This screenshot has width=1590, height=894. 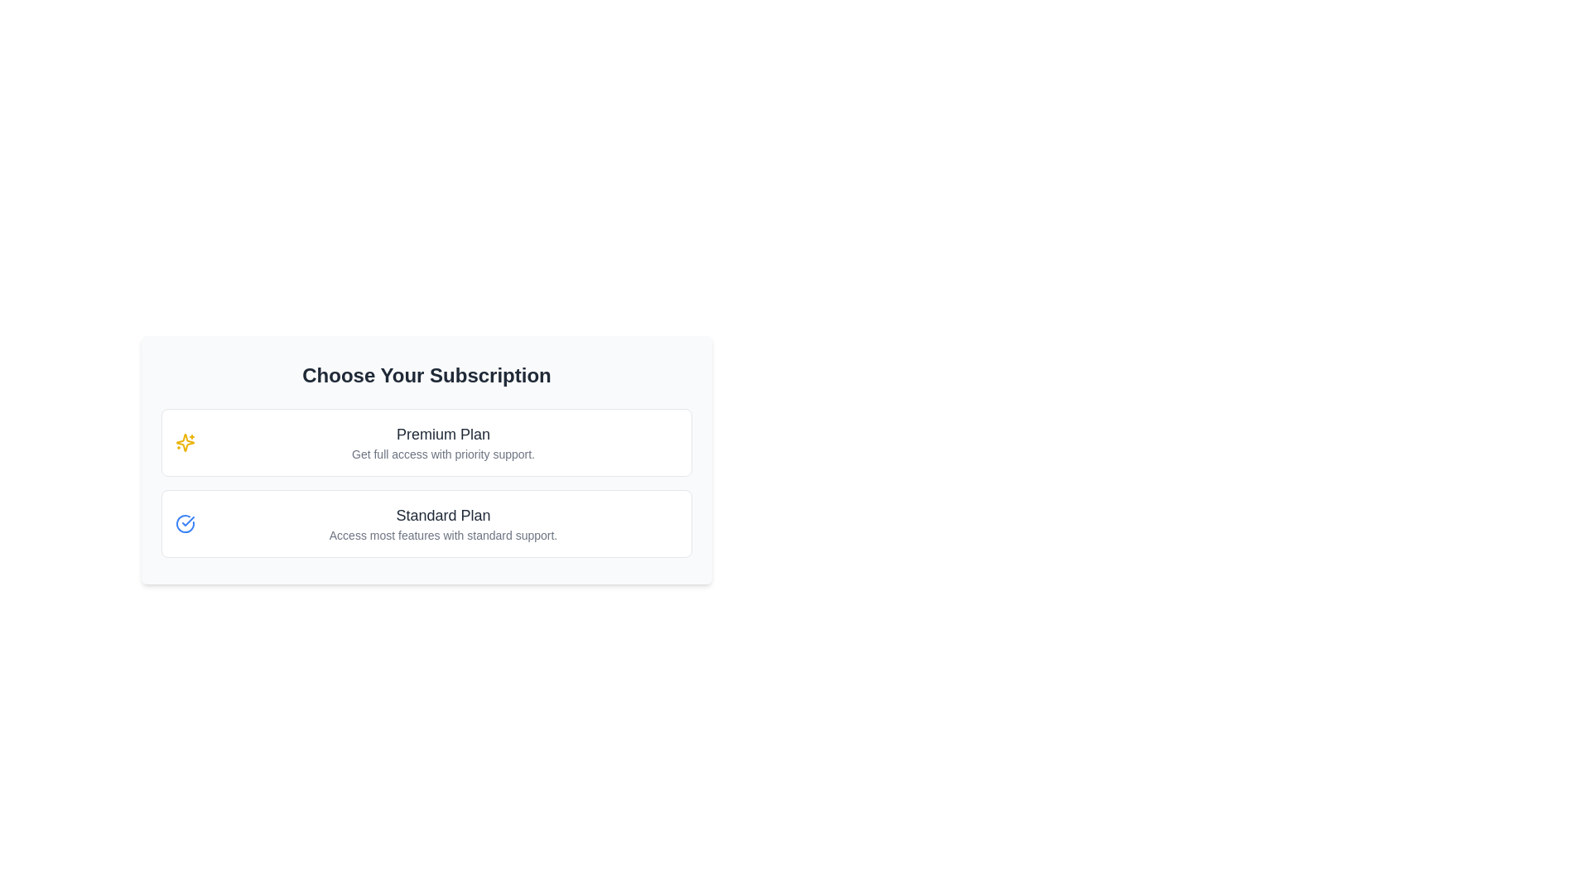 What do you see at coordinates (188, 520) in the screenshot?
I see `the graphical representation of the blue, rounded icon located next to the 'Standard Plan' text in the bottom left segment of the interface` at bounding box center [188, 520].